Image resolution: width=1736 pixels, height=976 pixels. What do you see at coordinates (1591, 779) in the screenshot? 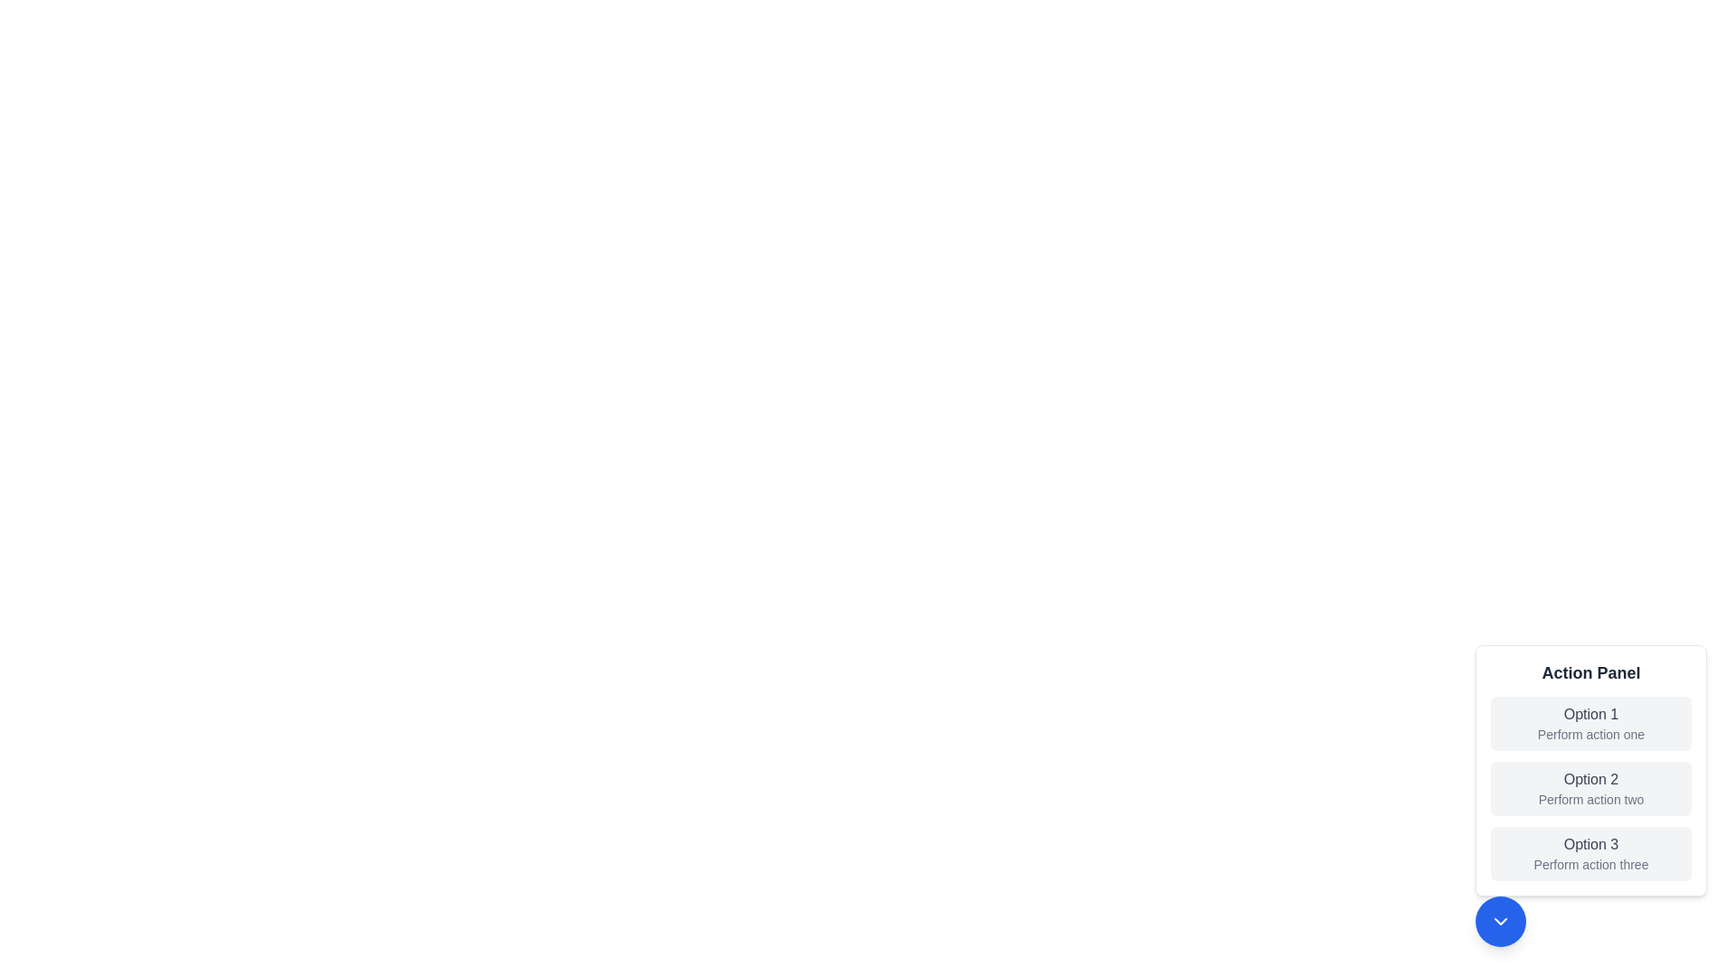
I see `the text label representing the title of the second action choice in the action panel, located between 'Perform action one' and 'Perform action three'` at bounding box center [1591, 779].